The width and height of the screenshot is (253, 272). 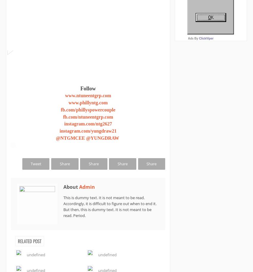 I want to click on 'instagram.com/yungdraw21', so click(x=59, y=131).